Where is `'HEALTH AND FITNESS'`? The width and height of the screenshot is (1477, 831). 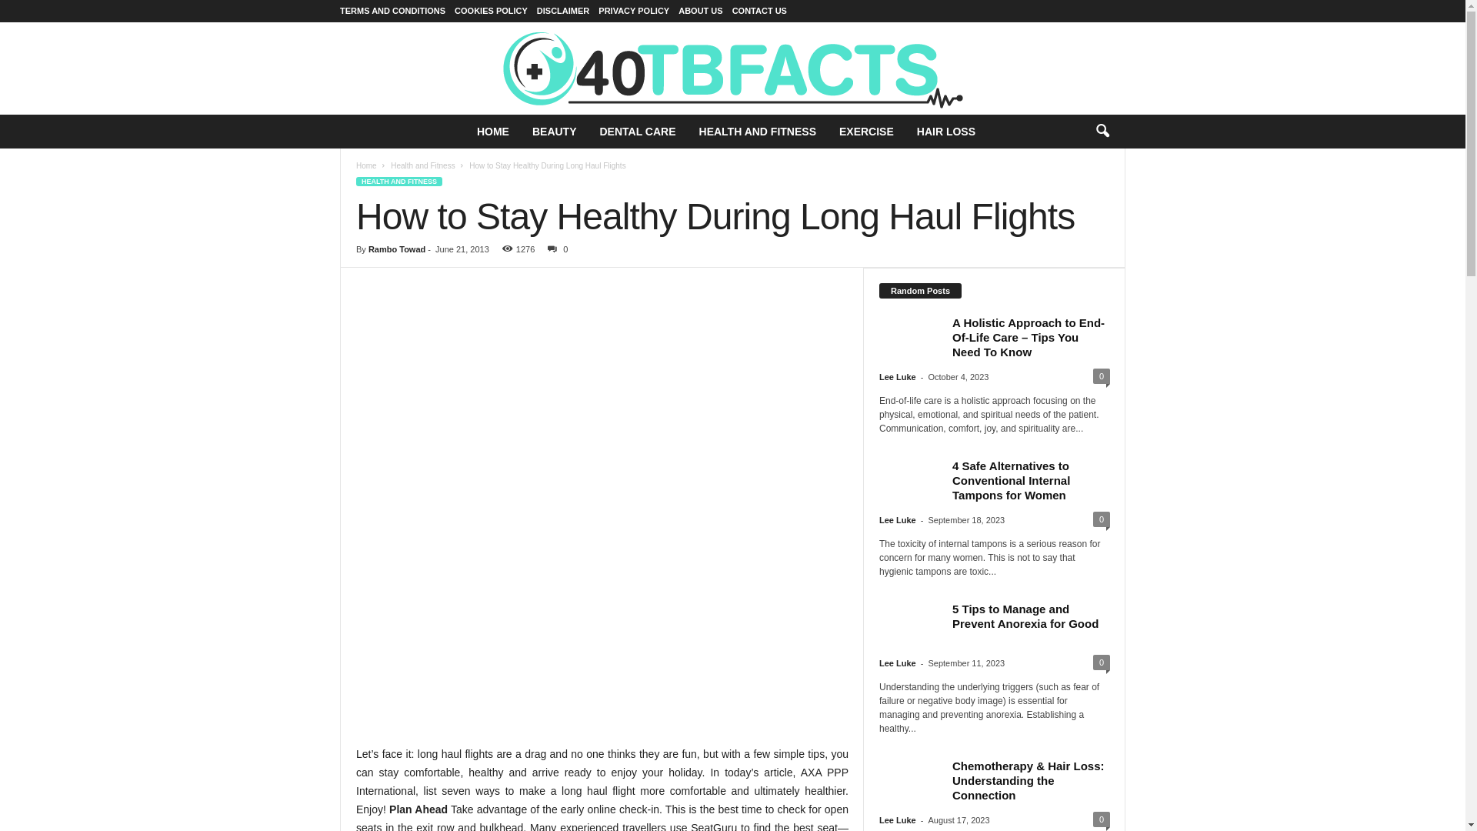
'HEALTH AND FITNESS' is located at coordinates (398, 180).